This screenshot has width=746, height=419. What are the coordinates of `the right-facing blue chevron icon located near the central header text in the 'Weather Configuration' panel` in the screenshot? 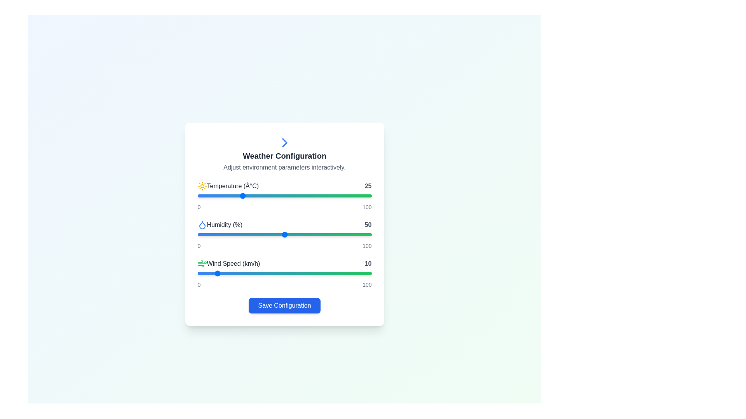 It's located at (284, 142).